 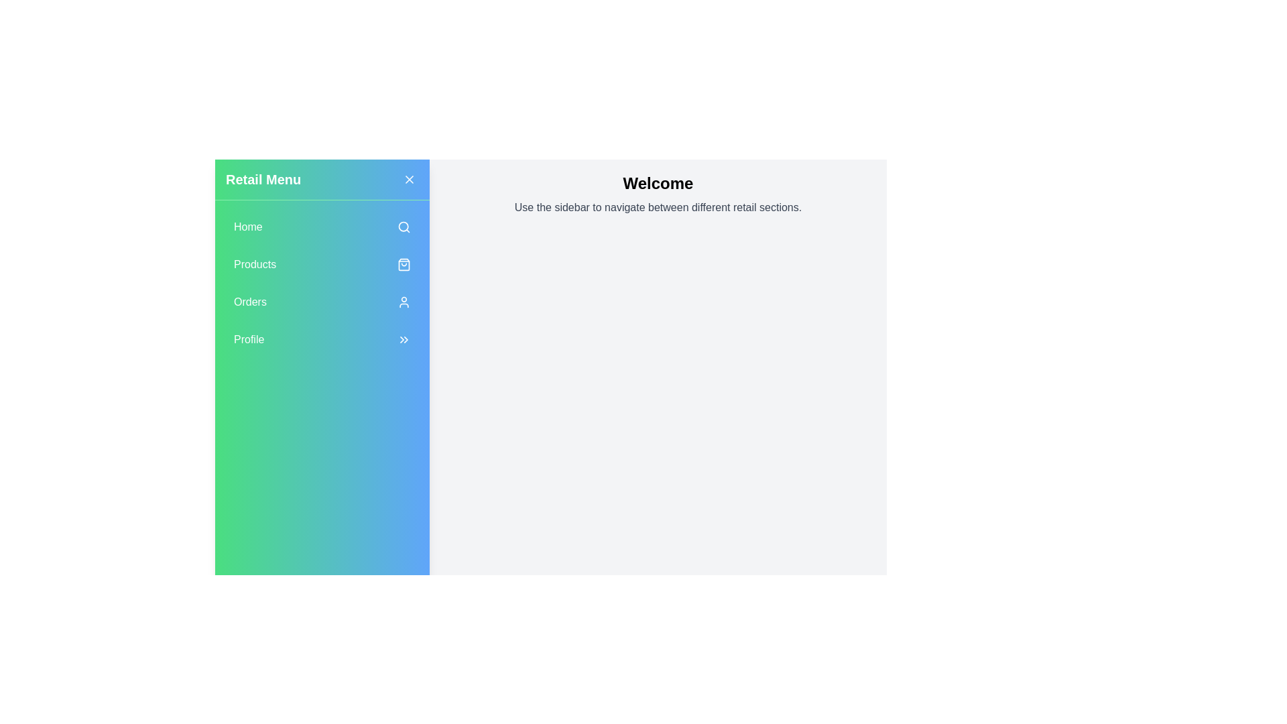 I want to click on the small shopping bag icon with a minimalist outline style, rendered in white on a blue background, located at the far right of the 'Products' item in the vertical navigation bar, so click(x=404, y=264).